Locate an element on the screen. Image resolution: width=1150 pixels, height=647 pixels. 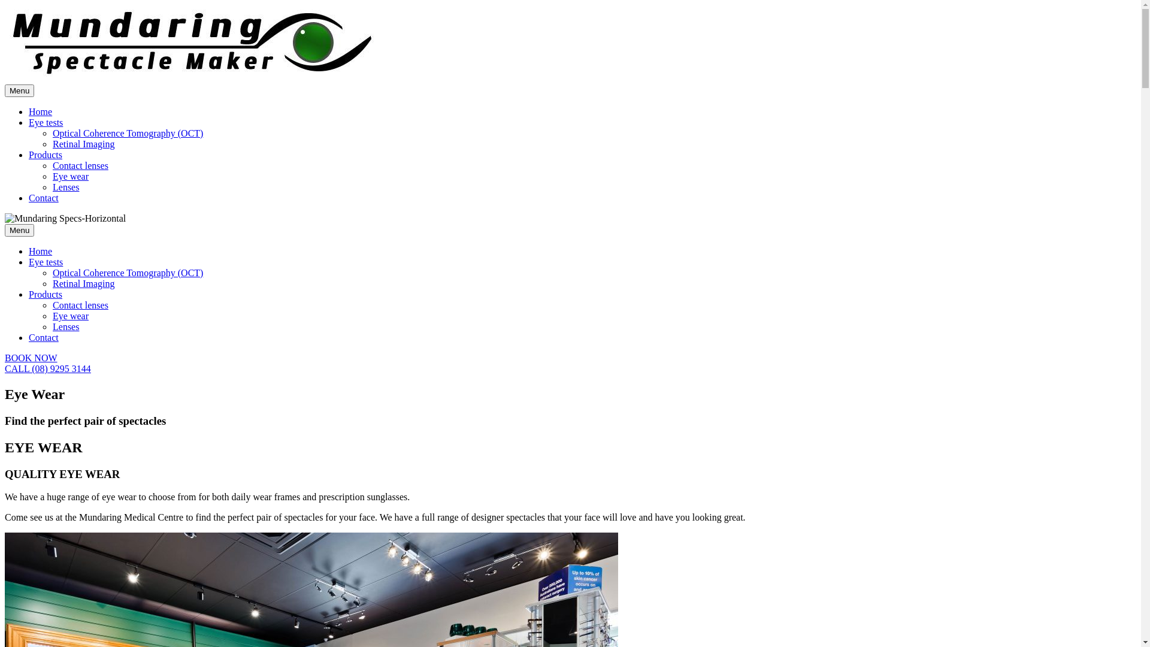
'Eye wear' is located at coordinates (70, 176).